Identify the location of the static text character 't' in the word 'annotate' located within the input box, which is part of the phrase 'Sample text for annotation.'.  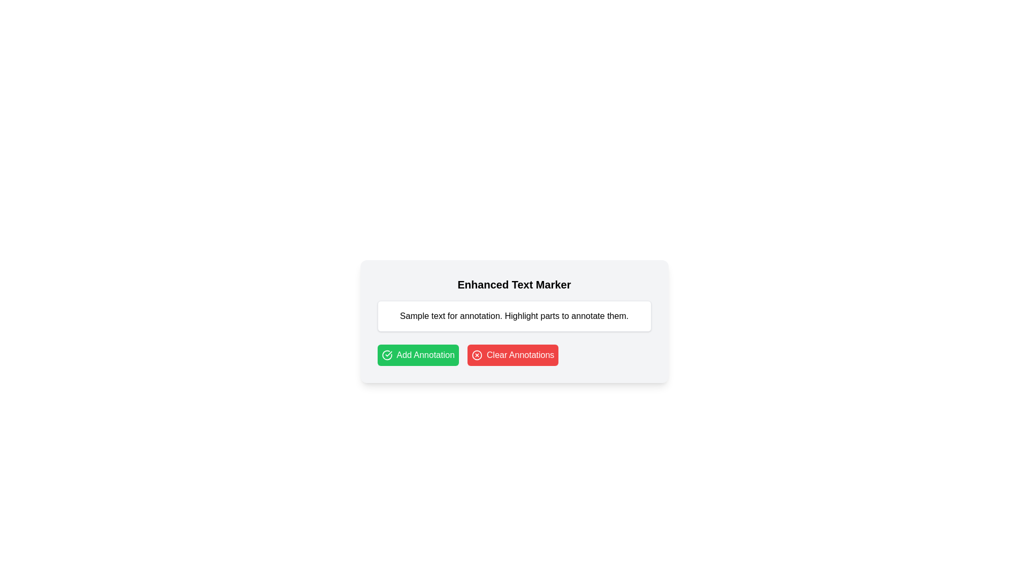
(591, 315).